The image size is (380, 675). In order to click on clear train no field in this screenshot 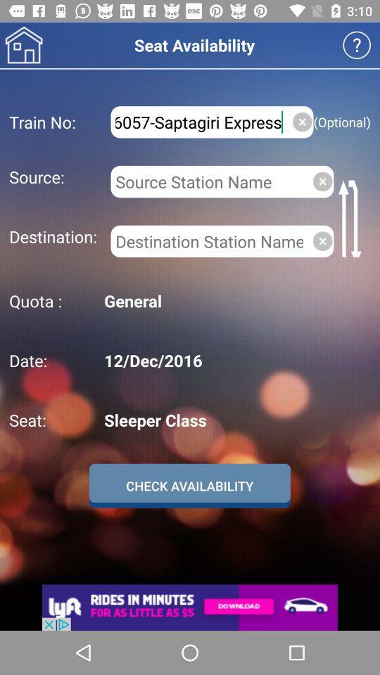, I will do `click(301, 121)`.